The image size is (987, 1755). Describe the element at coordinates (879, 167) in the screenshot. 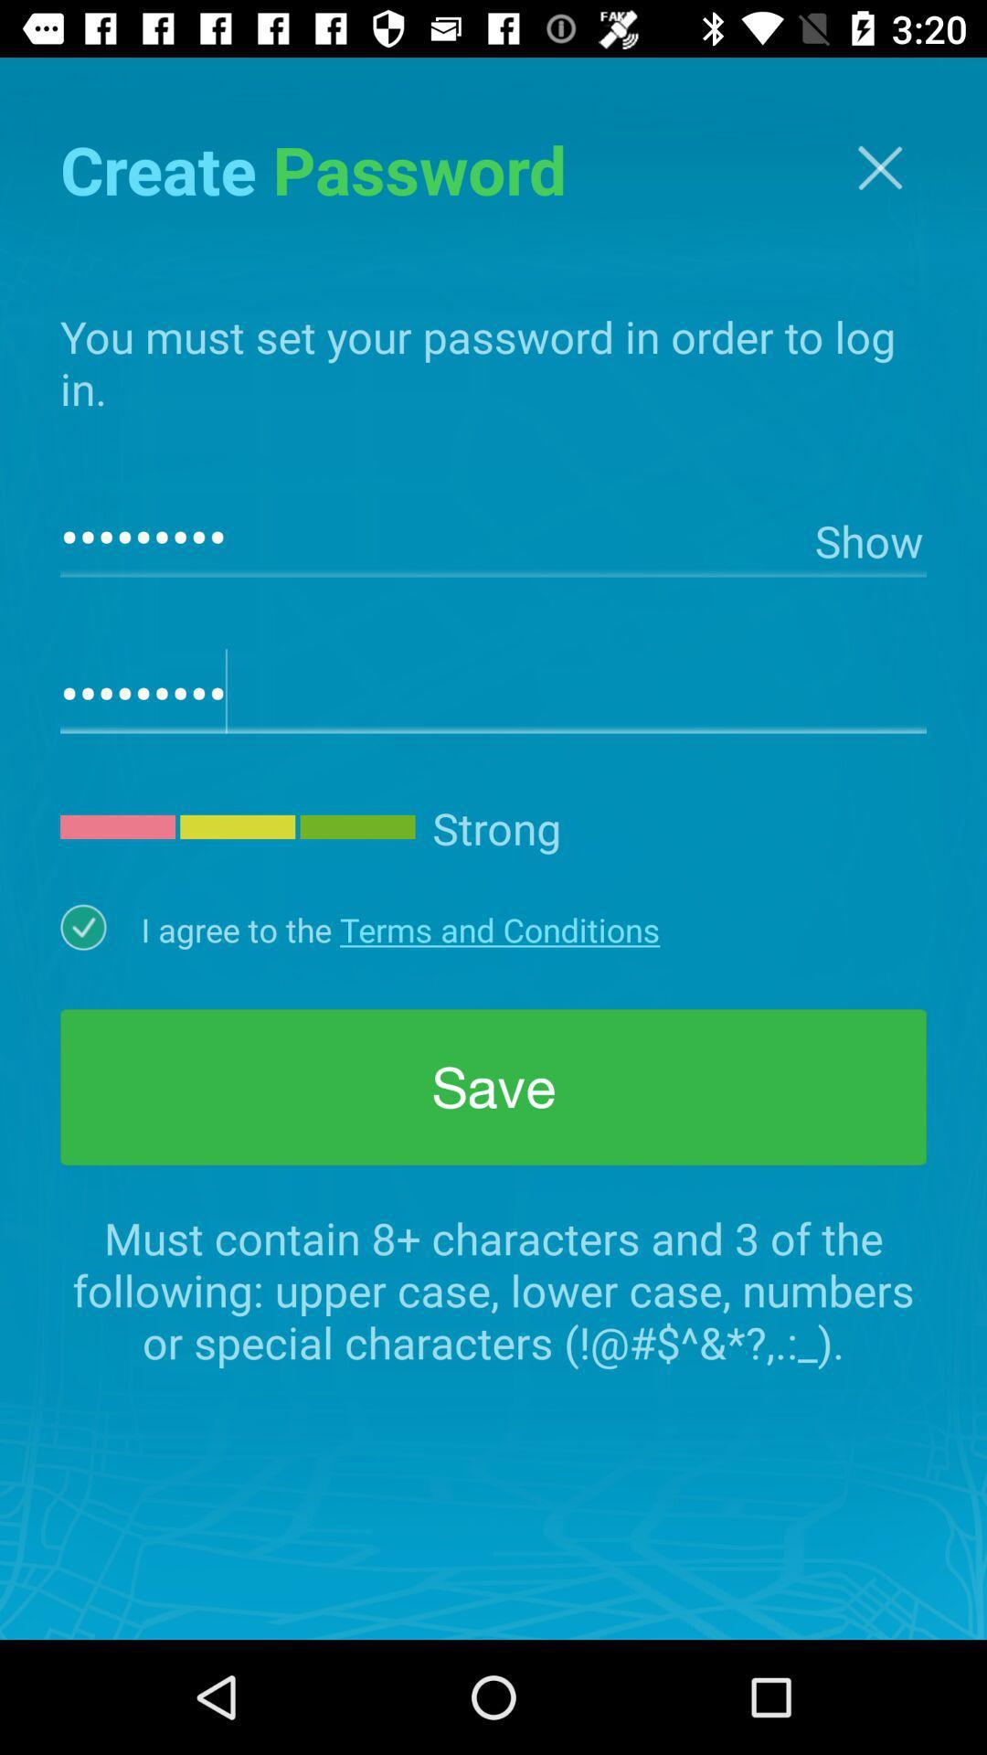

I see `the close icon` at that location.